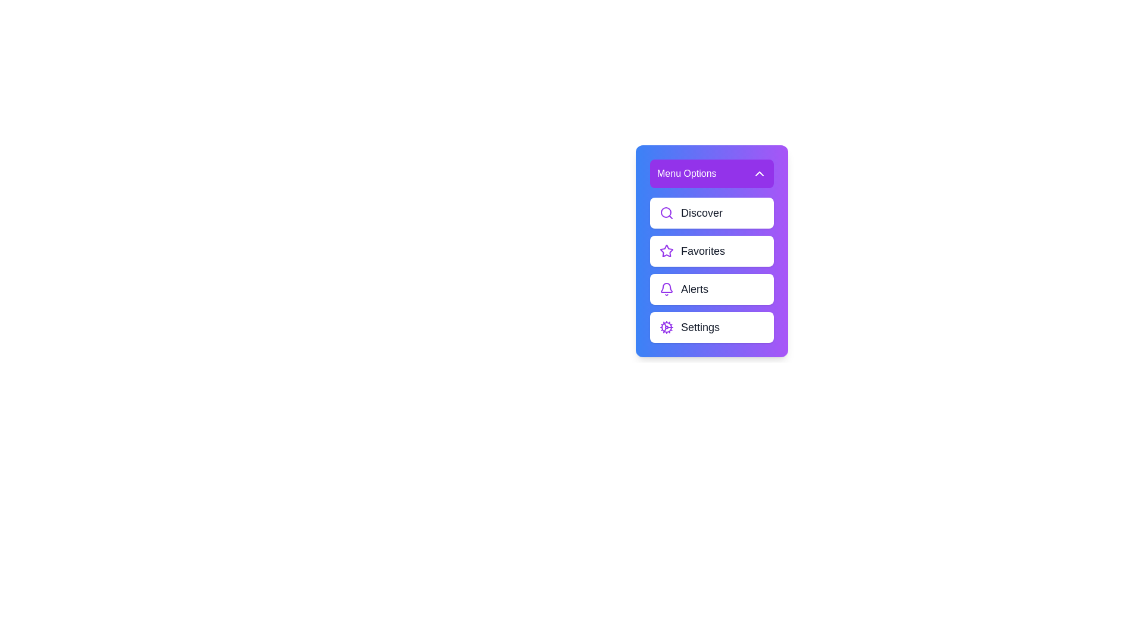  What do you see at coordinates (702, 250) in the screenshot?
I see `the 'Favorites' text label in the right-middle menu of the user interface, which is the second entry between 'Discover' and 'Alerts'` at bounding box center [702, 250].